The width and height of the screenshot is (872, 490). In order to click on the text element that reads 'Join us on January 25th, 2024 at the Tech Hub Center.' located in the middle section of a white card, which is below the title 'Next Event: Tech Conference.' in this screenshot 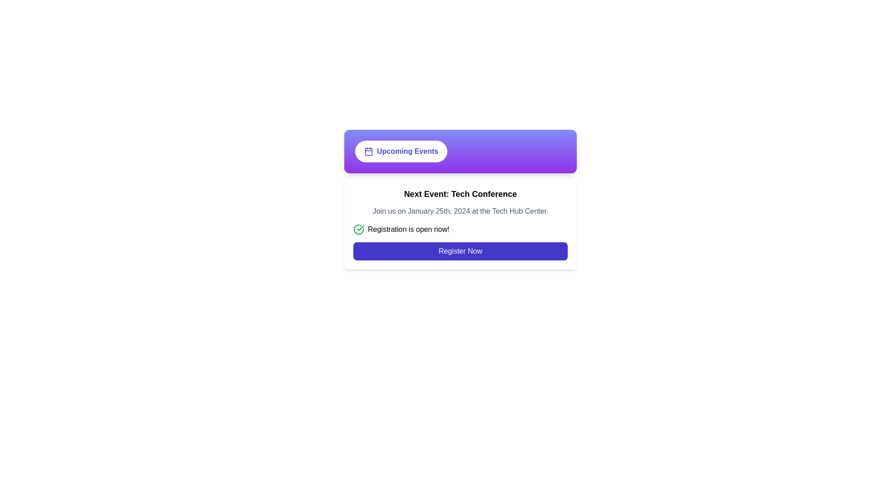, I will do `click(460, 211)`.